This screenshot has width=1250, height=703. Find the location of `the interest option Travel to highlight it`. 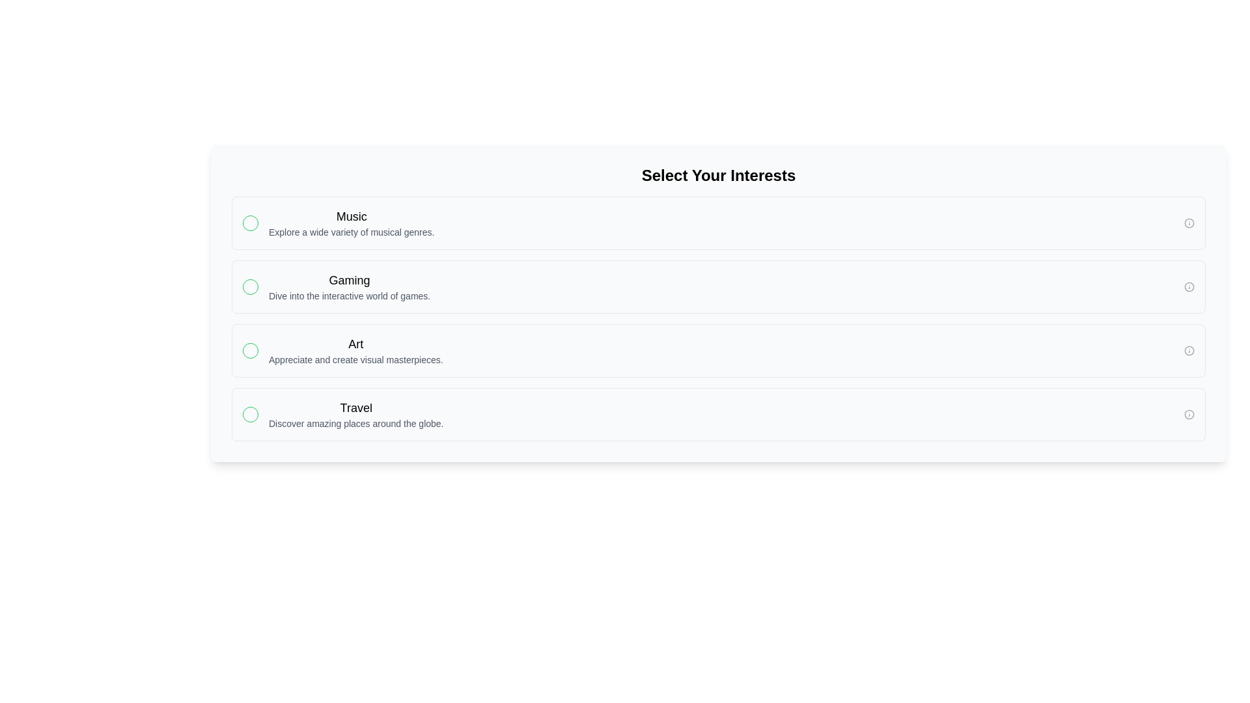

the interest option Travel to highlight it is located at coordinates (718, 414).